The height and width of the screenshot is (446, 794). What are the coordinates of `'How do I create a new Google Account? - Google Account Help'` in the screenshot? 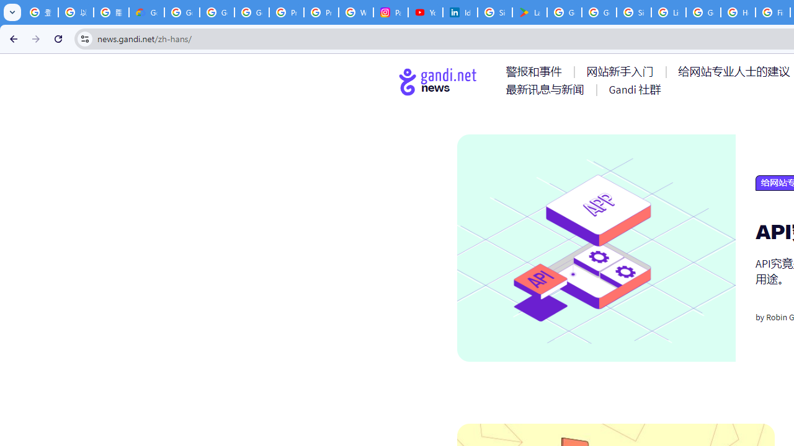 It's located at (738, 12).